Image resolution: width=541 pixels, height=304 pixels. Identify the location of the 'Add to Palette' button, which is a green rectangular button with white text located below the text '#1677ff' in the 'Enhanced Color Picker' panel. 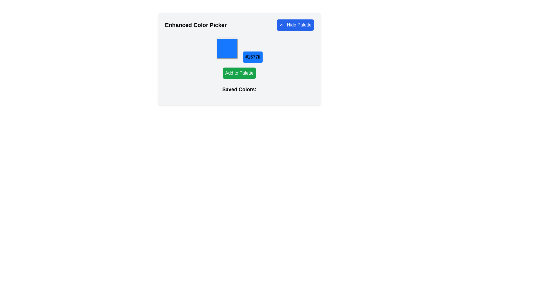
(239, 73).